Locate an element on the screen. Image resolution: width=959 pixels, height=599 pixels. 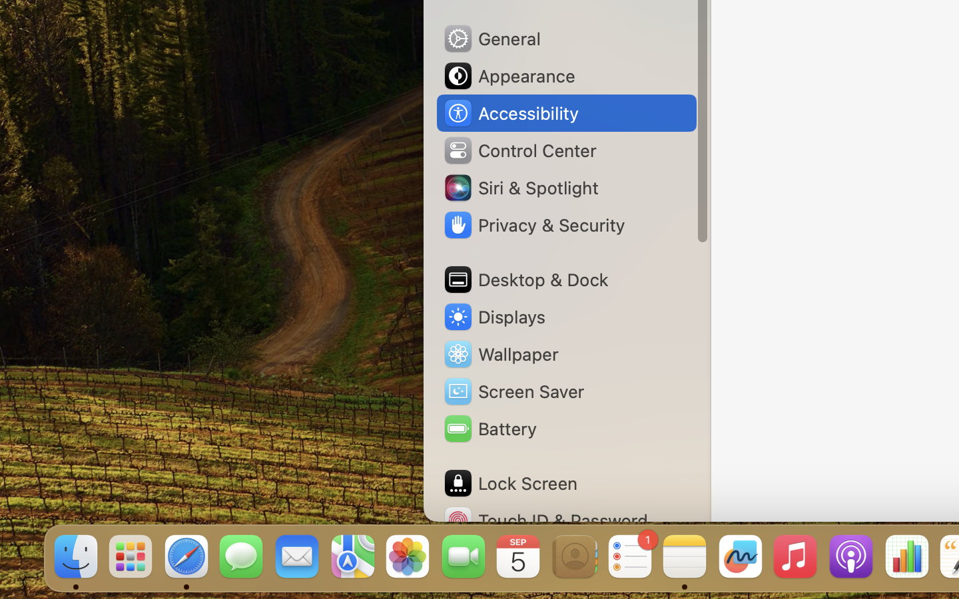
'General' is located at coordinates (490, 37).